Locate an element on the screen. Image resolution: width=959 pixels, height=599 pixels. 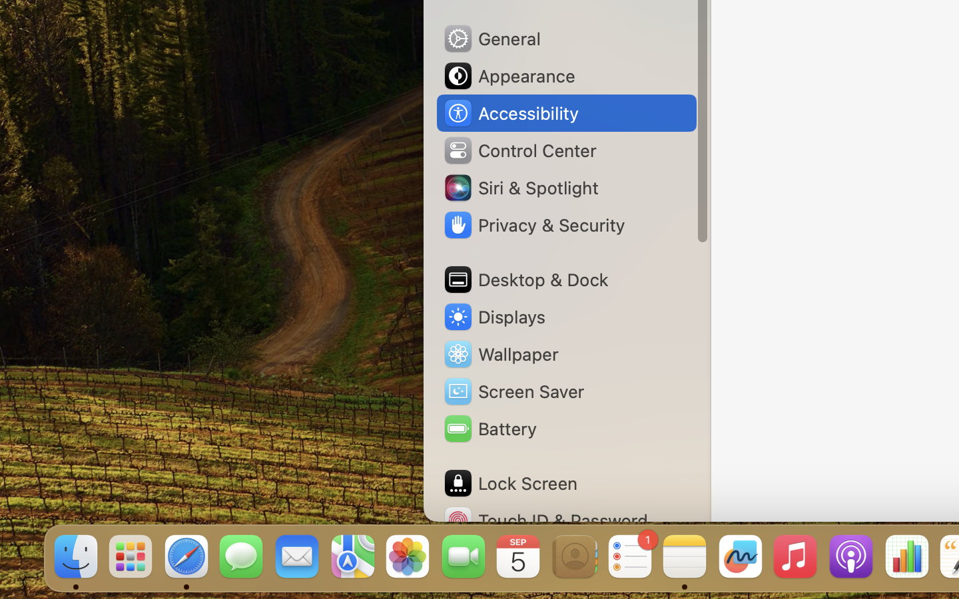
'General' is located at coordinates (490, 37).